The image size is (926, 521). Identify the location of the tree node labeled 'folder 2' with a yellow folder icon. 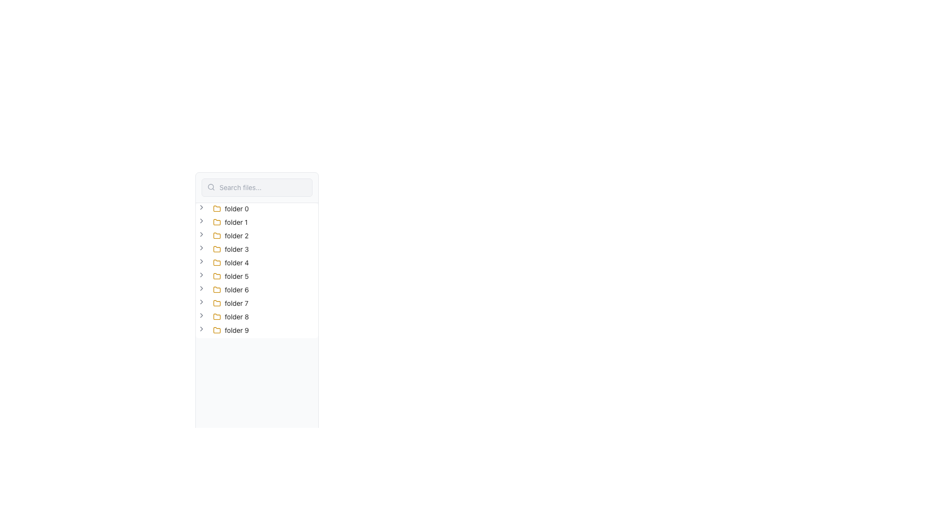
(223, 236).